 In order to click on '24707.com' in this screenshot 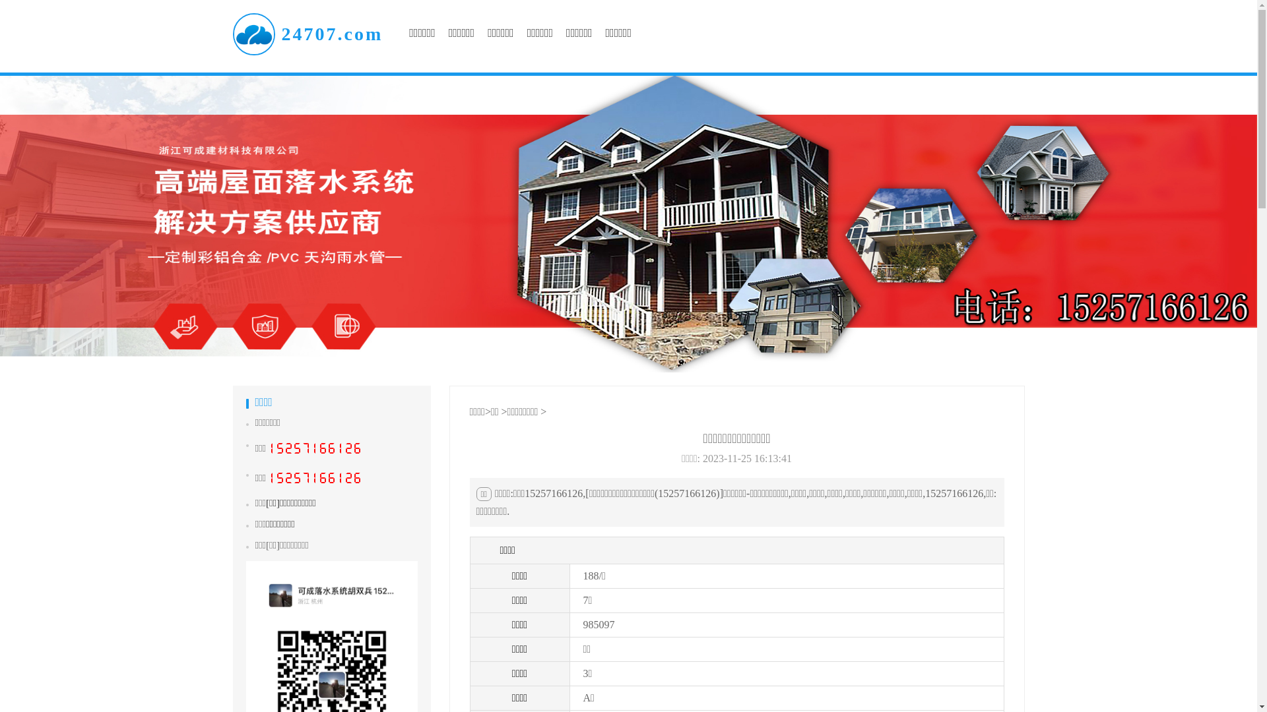, I will do `click(306, 33)`.